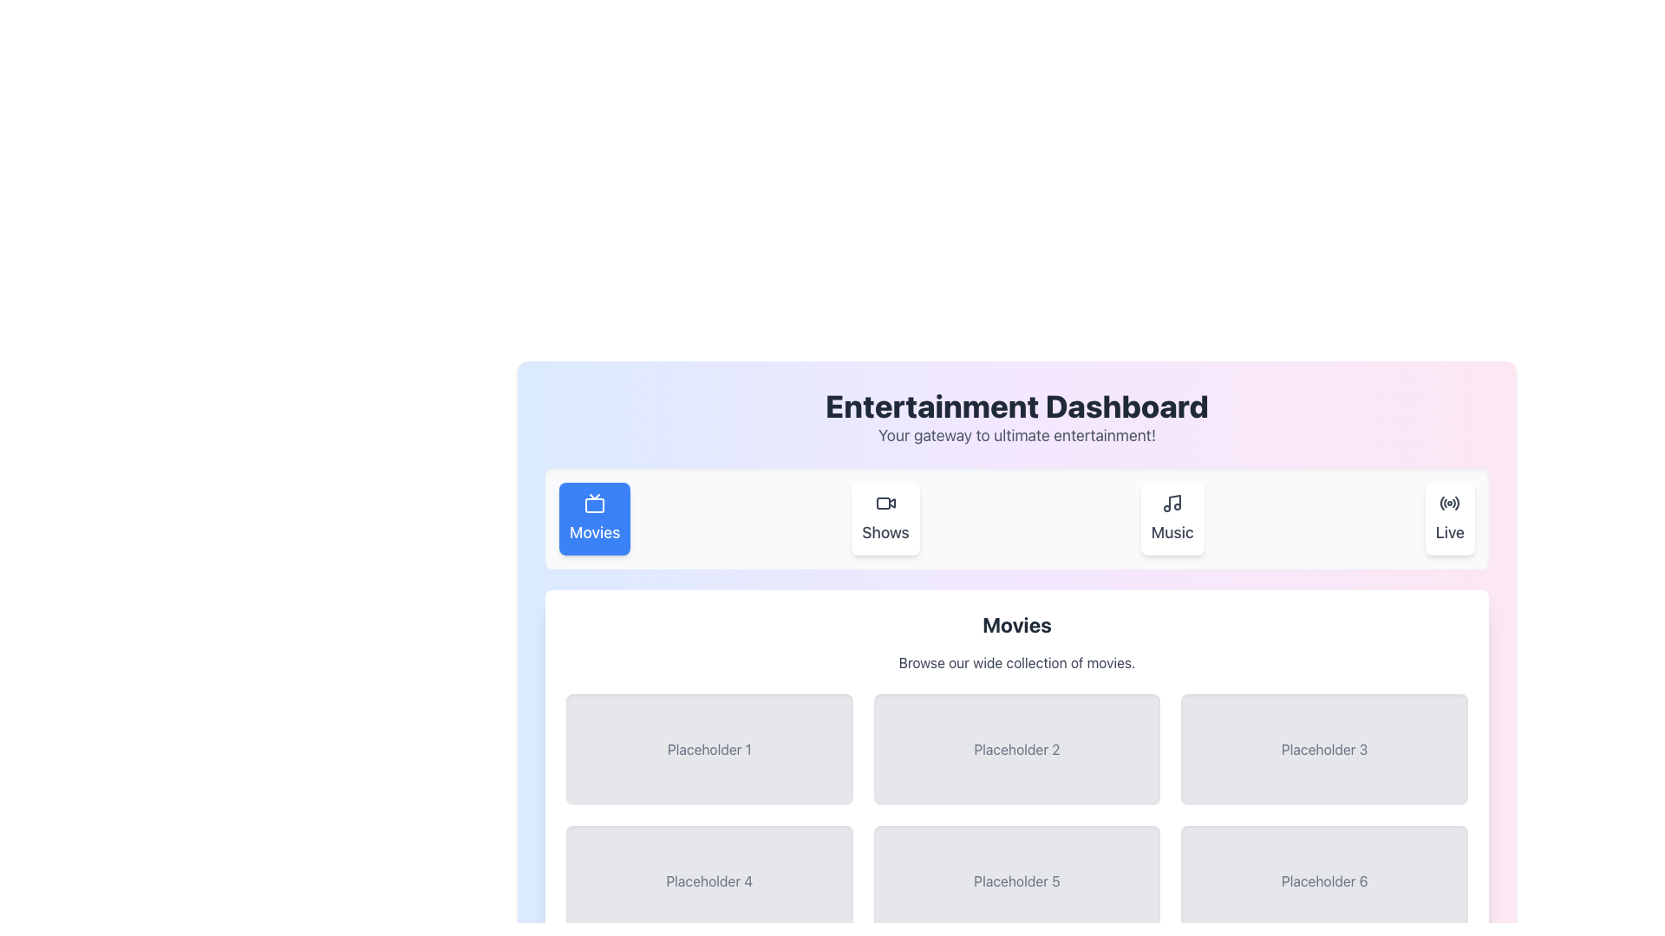 Image resolution: width=1665 pixels, height=936 pixels. What do you see at coordinates (883, 504) in the screenshot?
I see `the decorative graphical element, a small rectangle with rounded corners and a light gray stroke, located inside the 'Shows' video camera icon in the top navigation bar` at bounding box center [883, 504].